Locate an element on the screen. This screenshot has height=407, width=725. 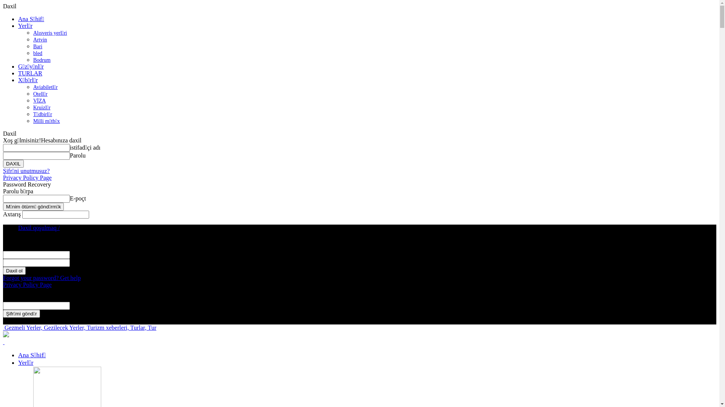
'TURLAR' is located at coordinates (30, 73).